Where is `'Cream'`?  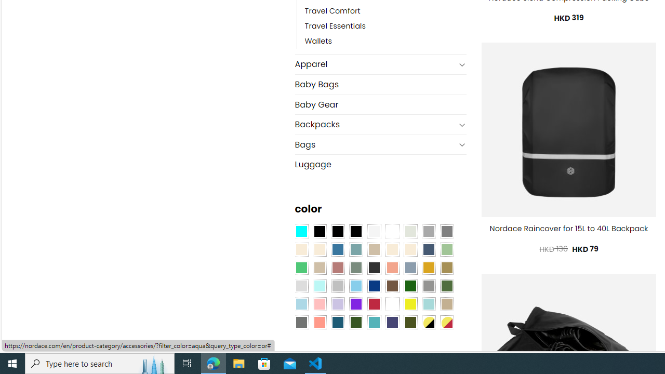
'Cream' is located at coordinates (409, 249).